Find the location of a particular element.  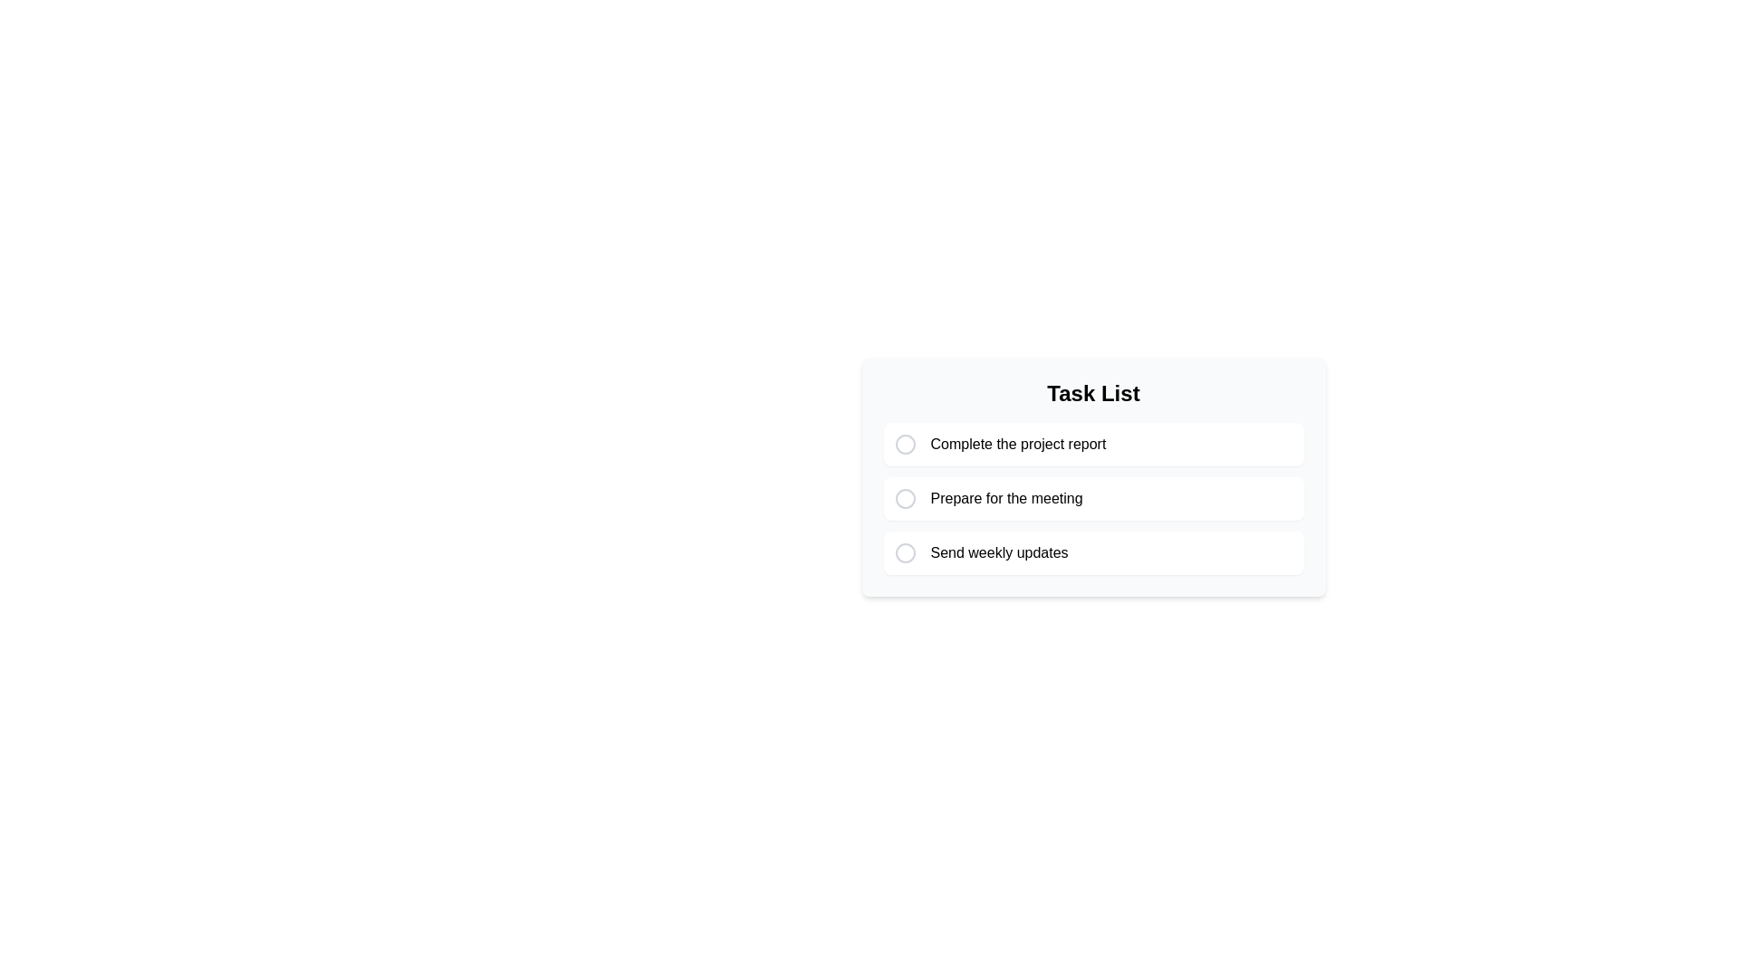

the third item in the task list to mark it or select it, which is labeled 'Complete the project report' or 'Prepare for the meeting' is located at coordinates (1092, 551).